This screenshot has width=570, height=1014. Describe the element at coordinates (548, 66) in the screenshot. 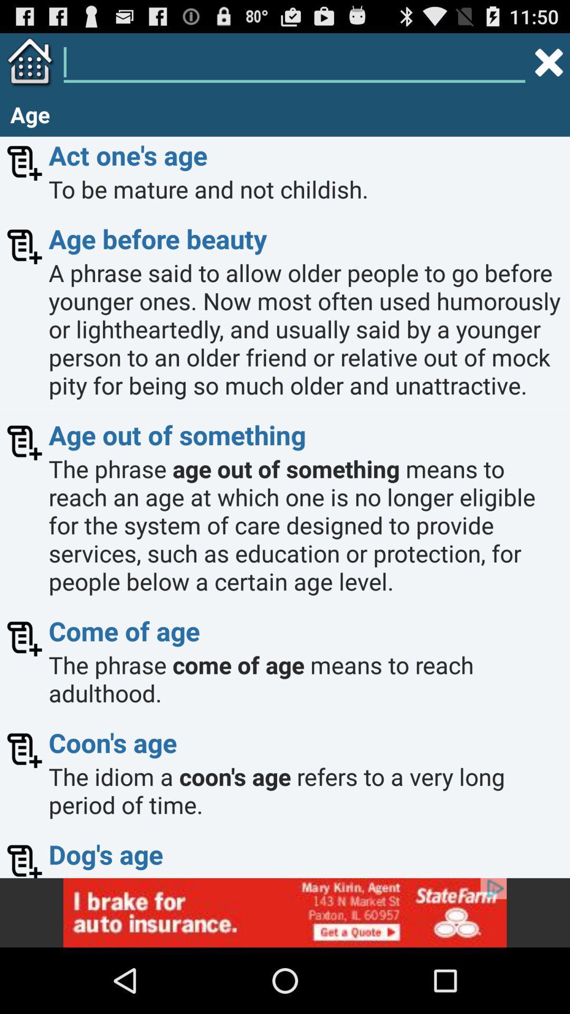

I see `the close icon` at that location.